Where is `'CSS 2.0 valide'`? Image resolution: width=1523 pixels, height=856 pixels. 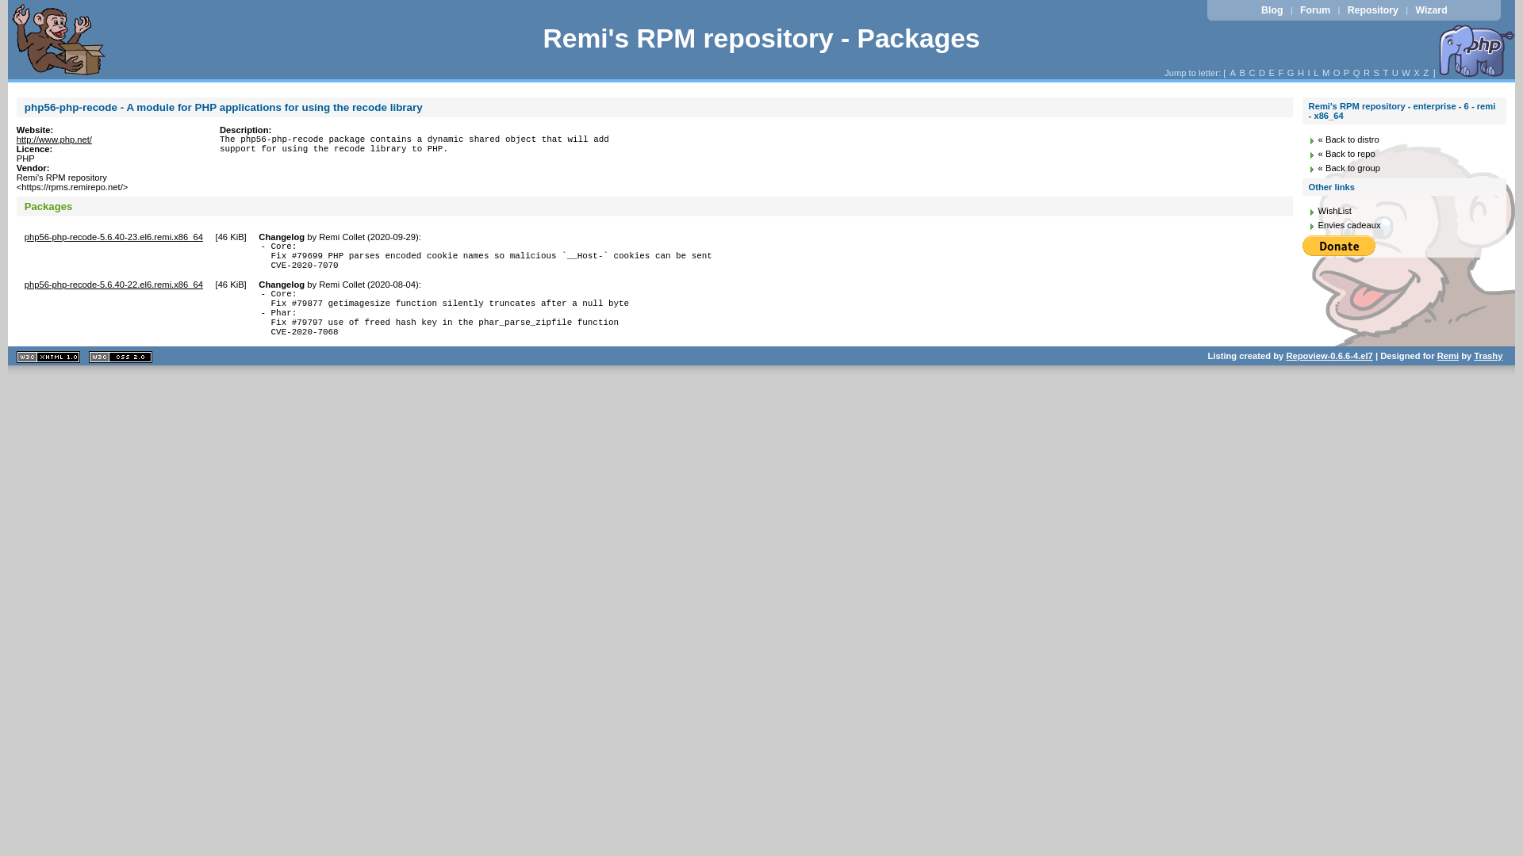 'CSS 2.0 valide' is located at coordinates (120, 357).